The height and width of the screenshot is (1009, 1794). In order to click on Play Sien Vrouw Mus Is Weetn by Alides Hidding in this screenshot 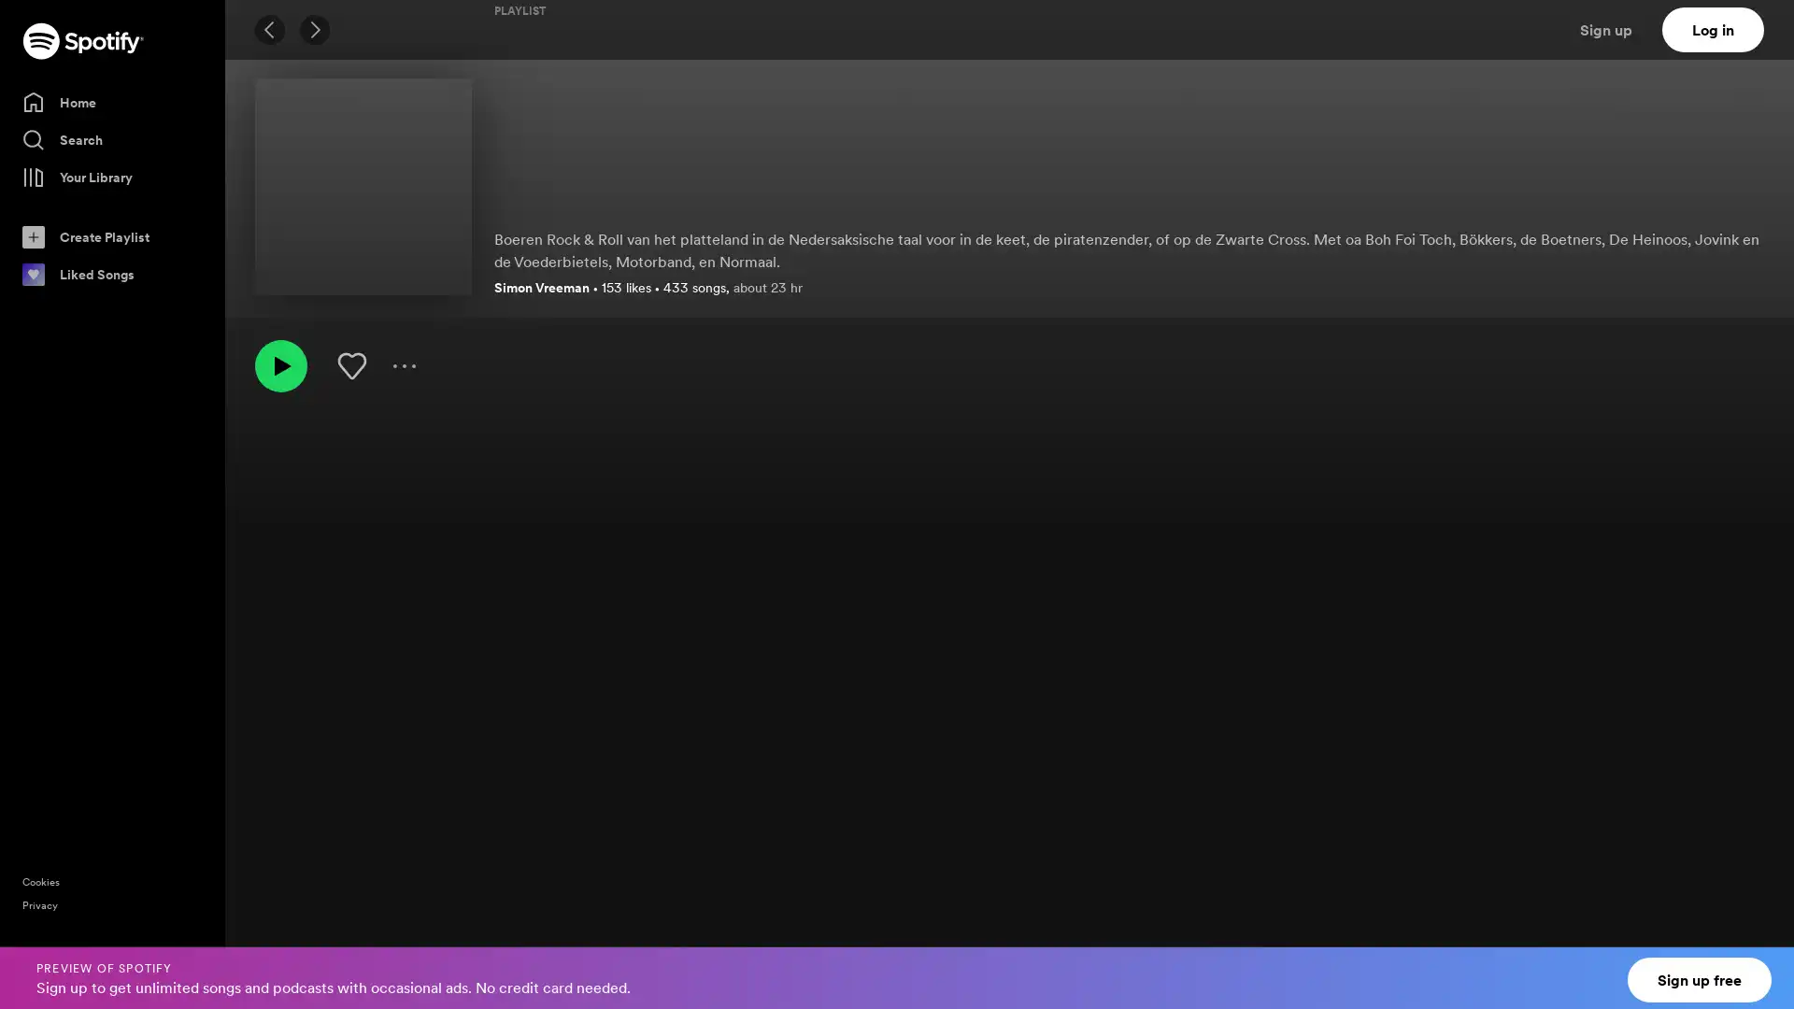, I will do `click(278, 490)`.